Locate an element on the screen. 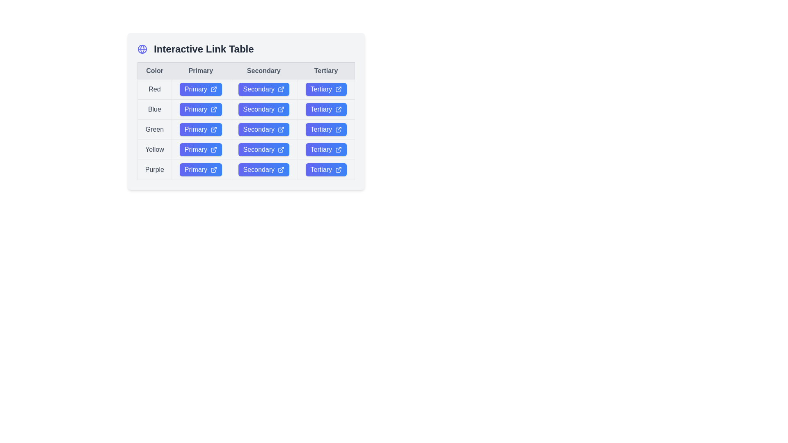  the button located is located at coordinates (201, 89).